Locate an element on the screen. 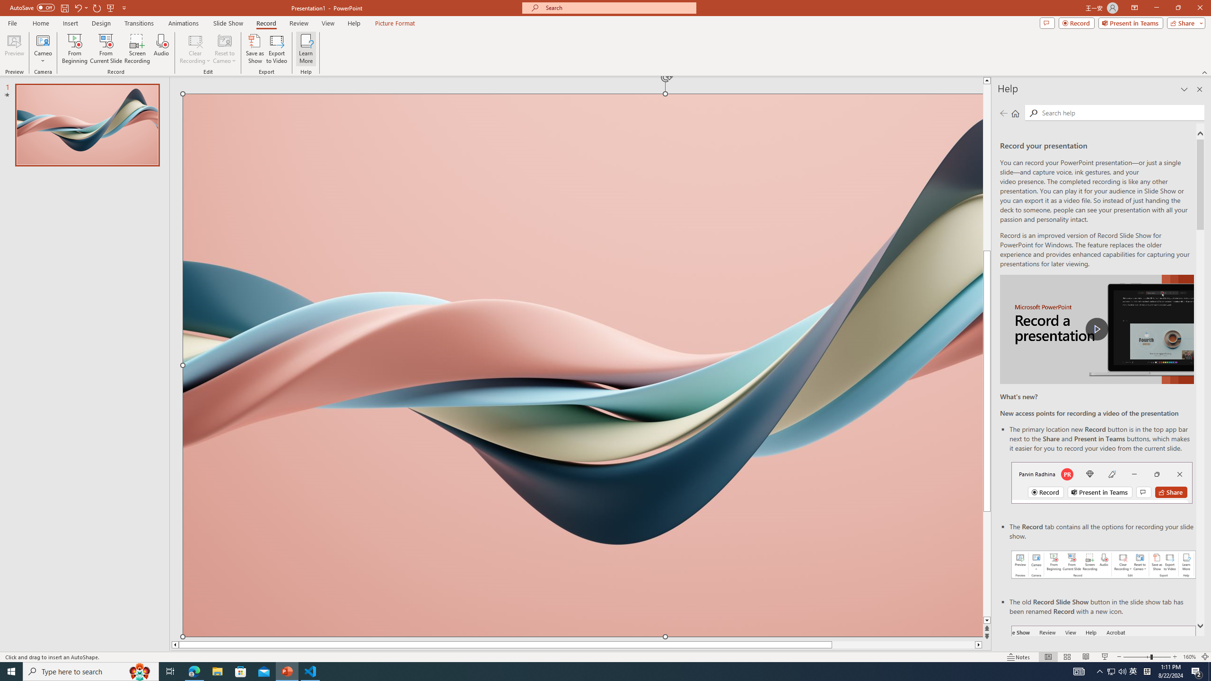 This screenshot has height=681, width=1211. 'From Current Slide...' is located at coordinates (106, 49).